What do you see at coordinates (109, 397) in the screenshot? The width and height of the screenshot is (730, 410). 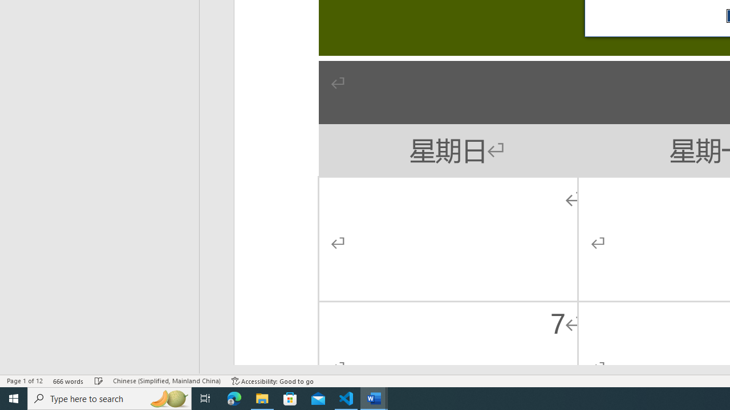 I see `'Type here to search'` at bounding box center [109, 397].